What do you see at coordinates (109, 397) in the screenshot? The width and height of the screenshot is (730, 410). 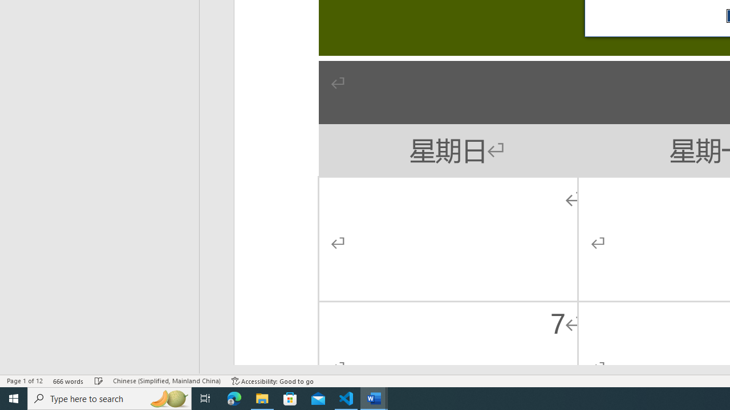 I see `'Type here to search'` at bounding box center [109, 397].